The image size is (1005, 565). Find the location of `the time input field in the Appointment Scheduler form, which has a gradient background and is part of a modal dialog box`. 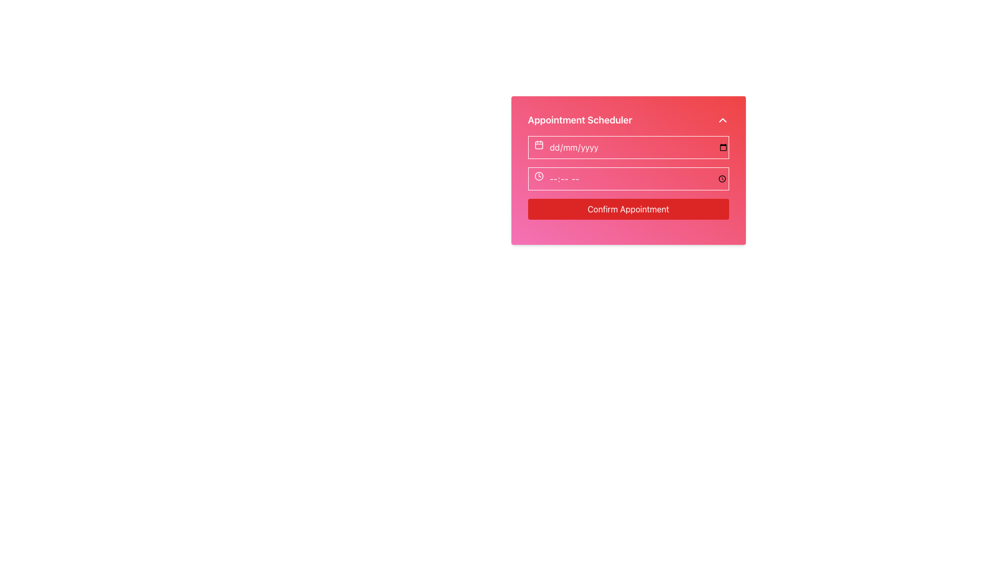

the time input field in the Appointment Scheduler form, which has a gradient background and is part of a modal dialog box is located at coordinates (628, 170).